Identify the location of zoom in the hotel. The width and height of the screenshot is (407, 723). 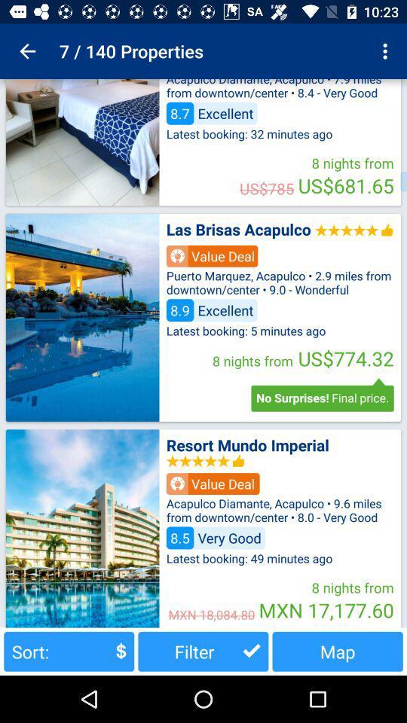
(82, 528).